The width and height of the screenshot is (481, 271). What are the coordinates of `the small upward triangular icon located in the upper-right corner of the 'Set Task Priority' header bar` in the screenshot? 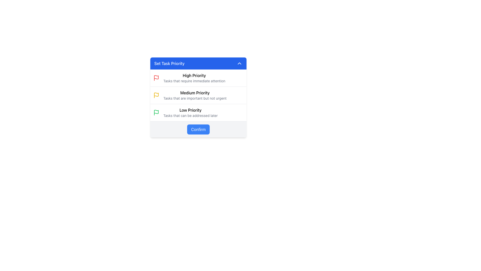 It's located at (239, 63).